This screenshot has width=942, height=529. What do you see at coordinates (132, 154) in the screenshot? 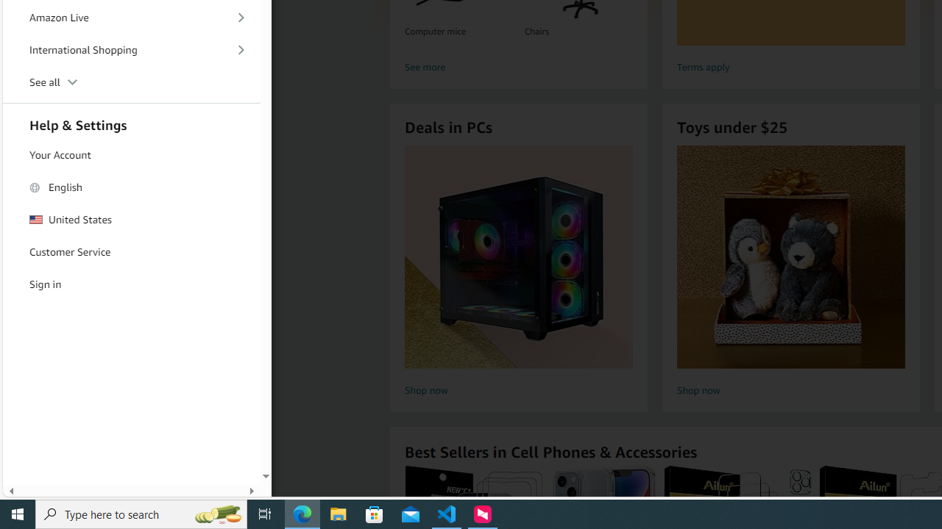
I see `'Your Account'` at bounding box center [132, 154].